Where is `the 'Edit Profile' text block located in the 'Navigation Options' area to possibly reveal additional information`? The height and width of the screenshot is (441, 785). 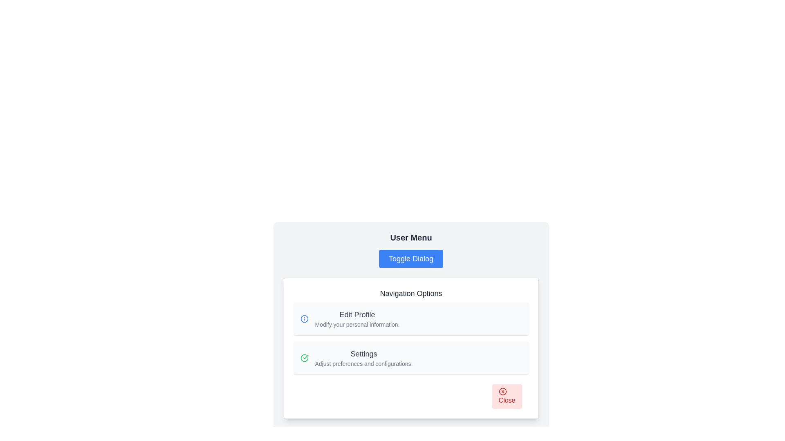 the 'Edit Profile' text block located in the 'Navigation Options' area to possibly reveal additional information is located at coordinates (357, 318).